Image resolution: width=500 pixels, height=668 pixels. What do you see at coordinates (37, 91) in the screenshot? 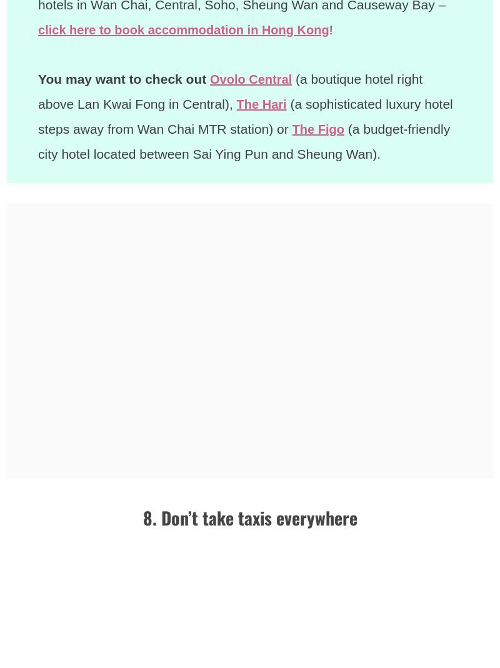
I see `'(a boutique hotel right above Lan Kwai Fong in Central),'` at bounding box center [37, 91].